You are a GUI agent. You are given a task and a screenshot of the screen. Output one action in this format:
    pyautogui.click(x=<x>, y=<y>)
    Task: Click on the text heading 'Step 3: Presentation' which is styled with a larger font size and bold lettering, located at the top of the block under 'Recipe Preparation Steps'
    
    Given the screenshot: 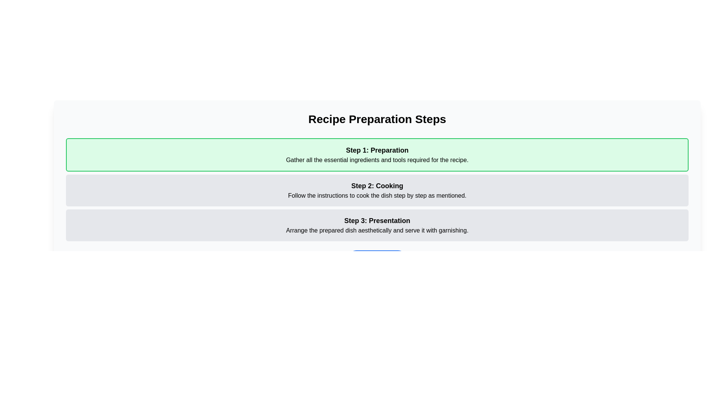 What is the action you would take?
    pyautogui.click(x=377, y=220)
    